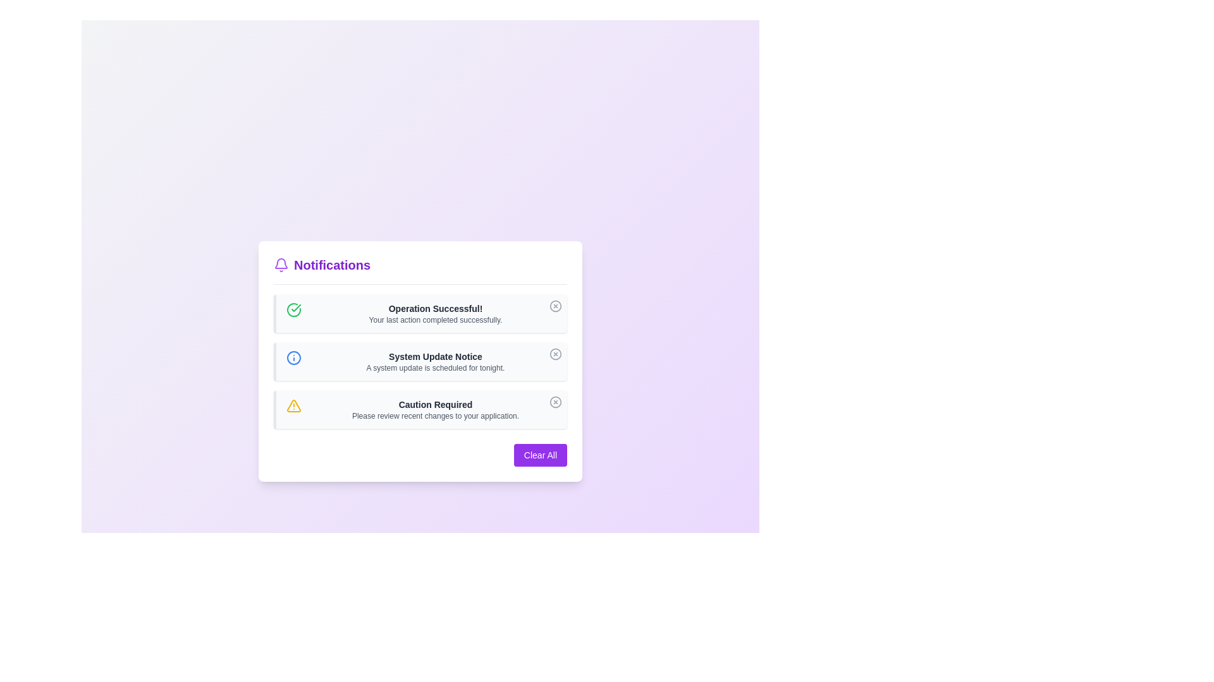 The image size is (1214, 682). What do you see at coordinates (436, 416) in the screenshot?
I see `the static text label providing additional information or a warning message located directly below 'Caution Required' in the third notification box` at bounding box center [436, 416].